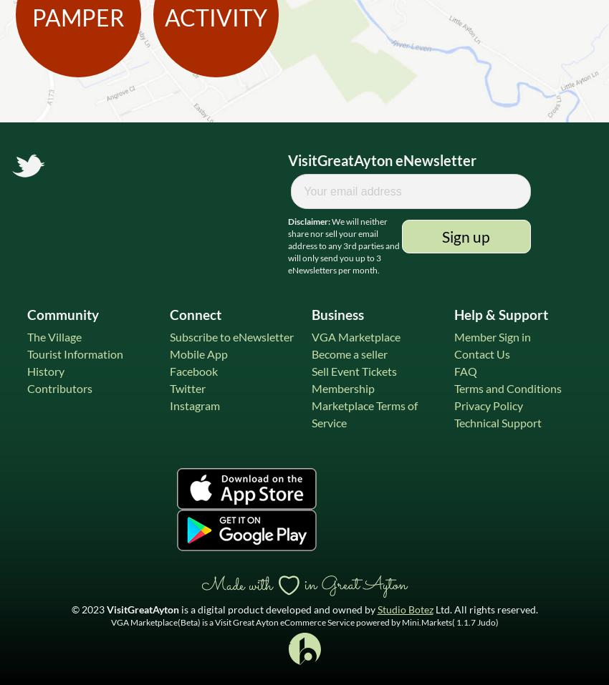  What do you see at coordinates (337, 314) in the screenshot?
I see `'Business'` at bounding box center [337, 314].